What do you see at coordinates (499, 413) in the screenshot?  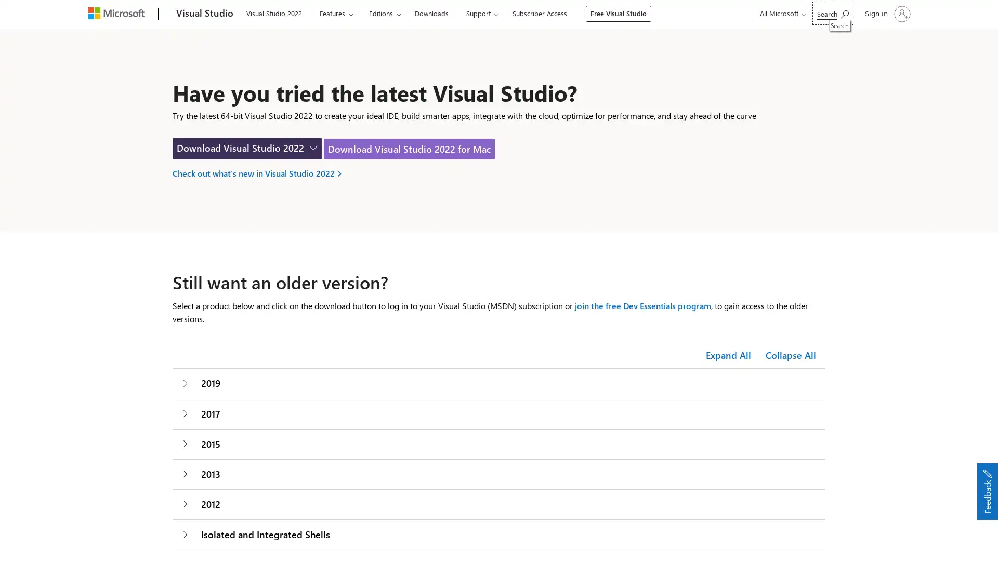 I see `2017` at bounding box center [499, 413].